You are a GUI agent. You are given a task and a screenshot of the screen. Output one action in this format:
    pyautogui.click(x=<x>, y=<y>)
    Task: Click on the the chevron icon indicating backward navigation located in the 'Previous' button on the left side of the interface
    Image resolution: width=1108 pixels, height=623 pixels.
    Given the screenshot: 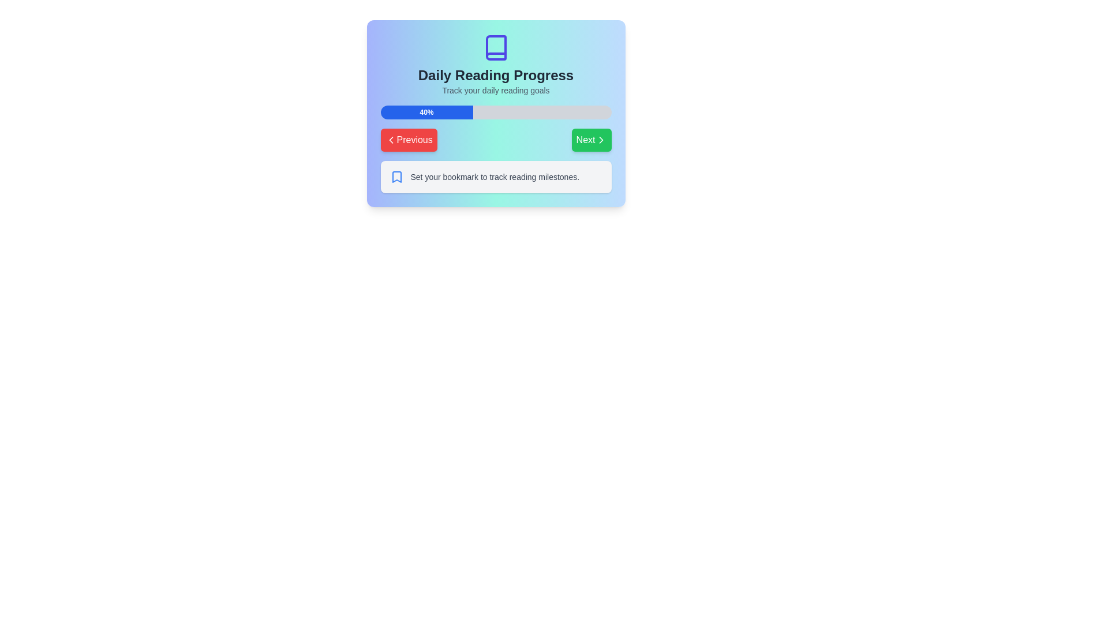 What is the action you would take?
    pyautogui.click(x=391, y=140)
    